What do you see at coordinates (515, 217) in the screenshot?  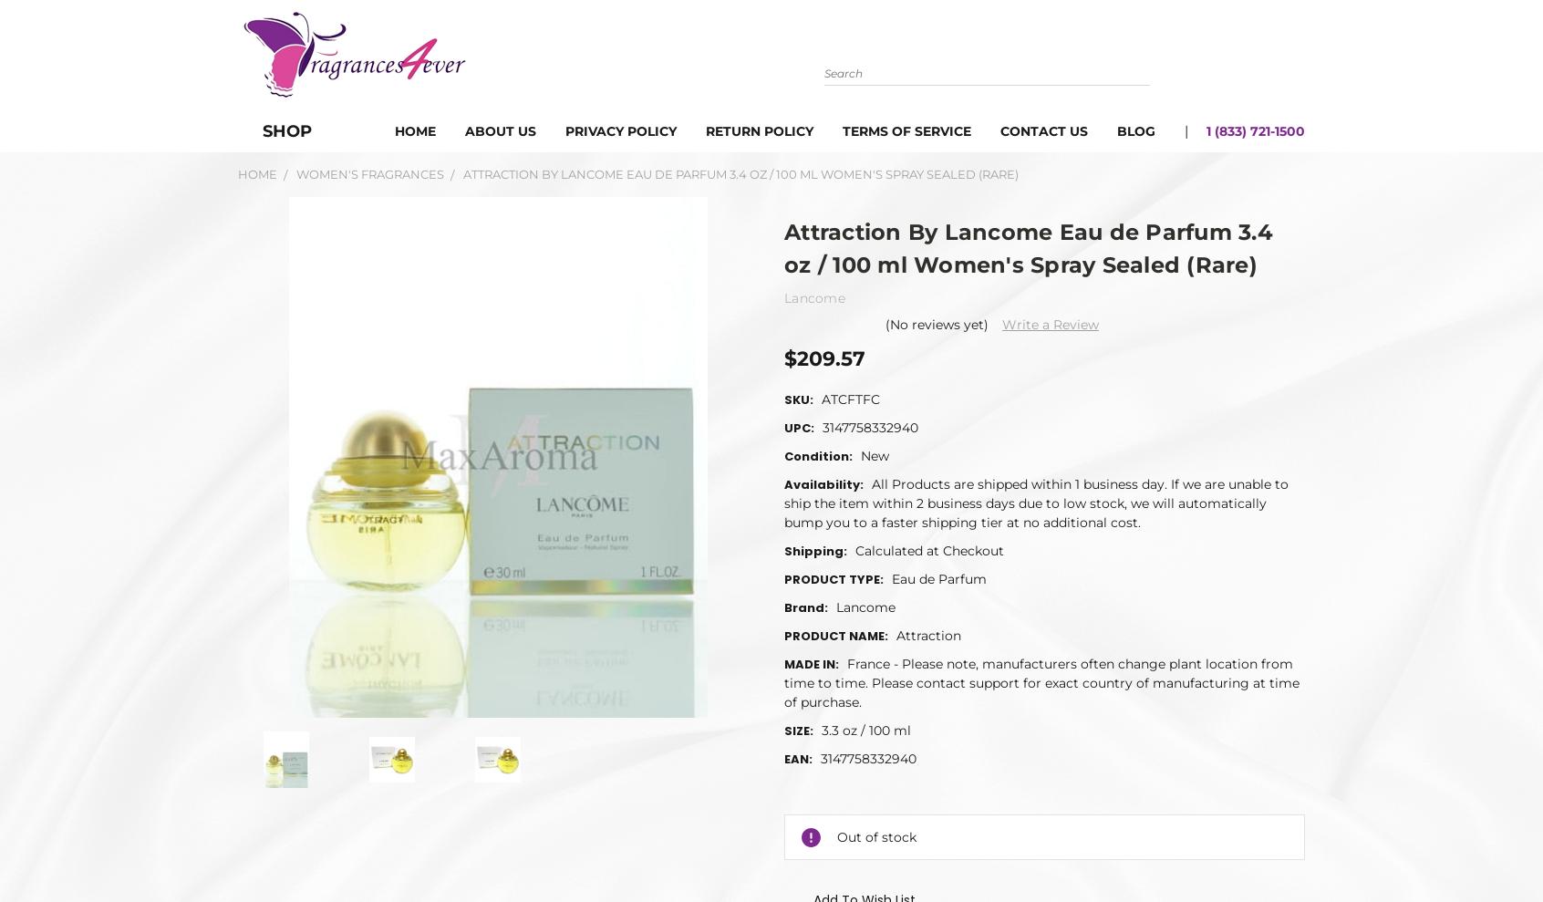 I see `'Attraction By Lancome Eau de Parfum 3.4 oz / 100 ml Women's Spray Sealed (Rare)'` at bounding box center [515, 217].